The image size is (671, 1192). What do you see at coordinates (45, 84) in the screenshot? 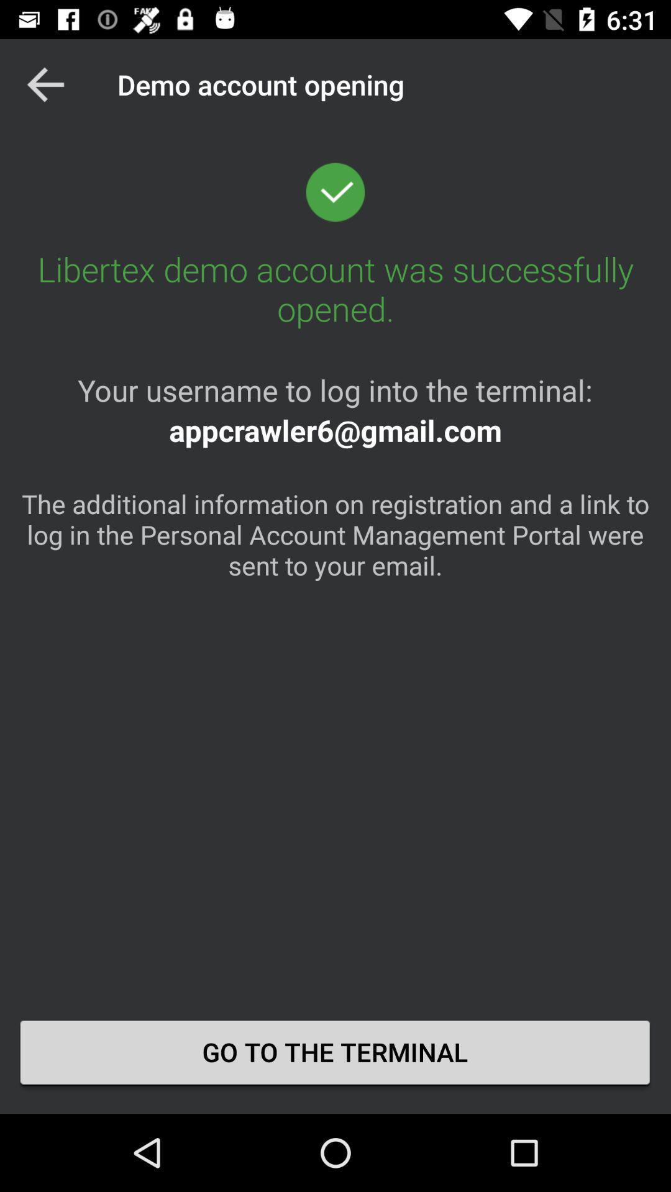
I see `previous` at bounding box center [45, 84].